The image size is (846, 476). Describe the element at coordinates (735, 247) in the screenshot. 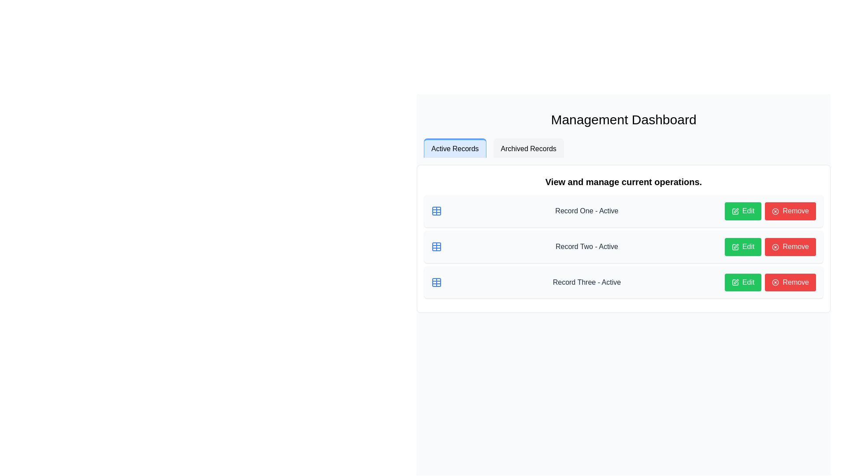

I see `the vector graphic icon within the 'Edit' button located on the right of the second record row` at that location.